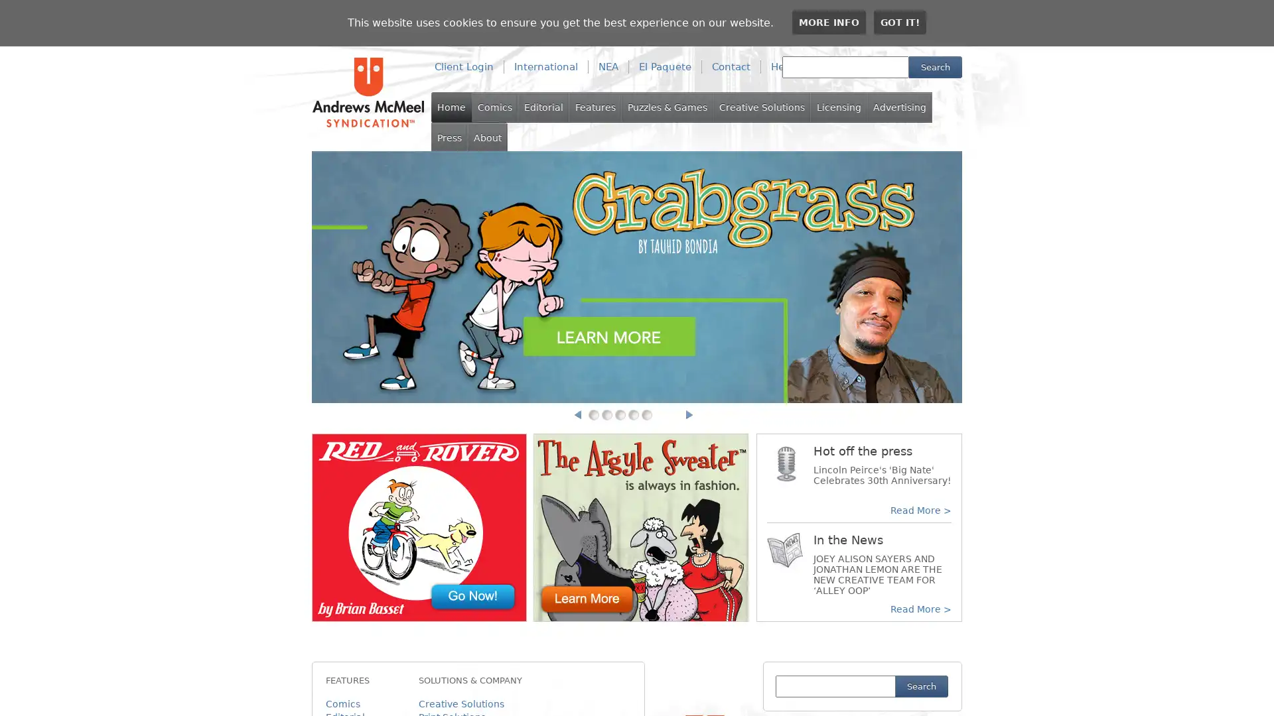 The width and height of the screenshot is (1274, 716). What do you see at coordinates (920, 686) in the screenshot?
I see `Search` at bounding box center [920, 686].